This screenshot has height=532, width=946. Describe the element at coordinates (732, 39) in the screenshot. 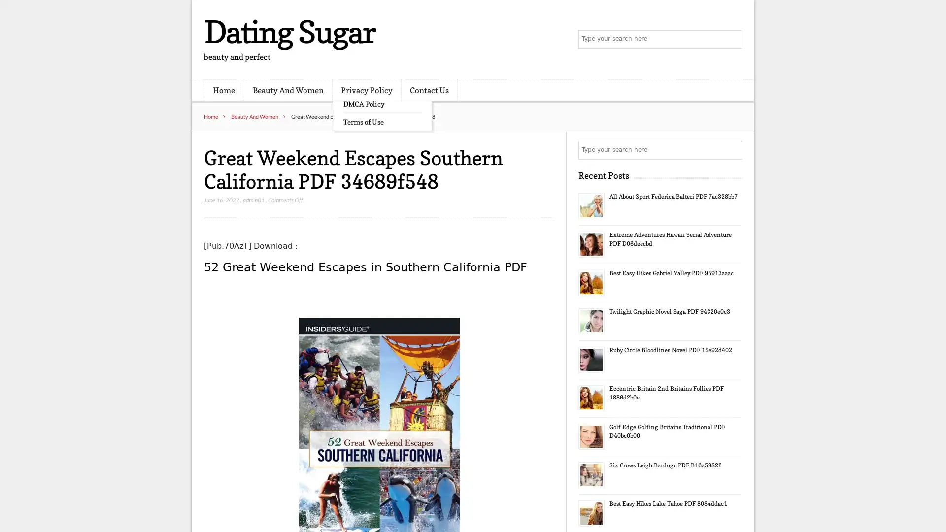

I see `Search` at that location.